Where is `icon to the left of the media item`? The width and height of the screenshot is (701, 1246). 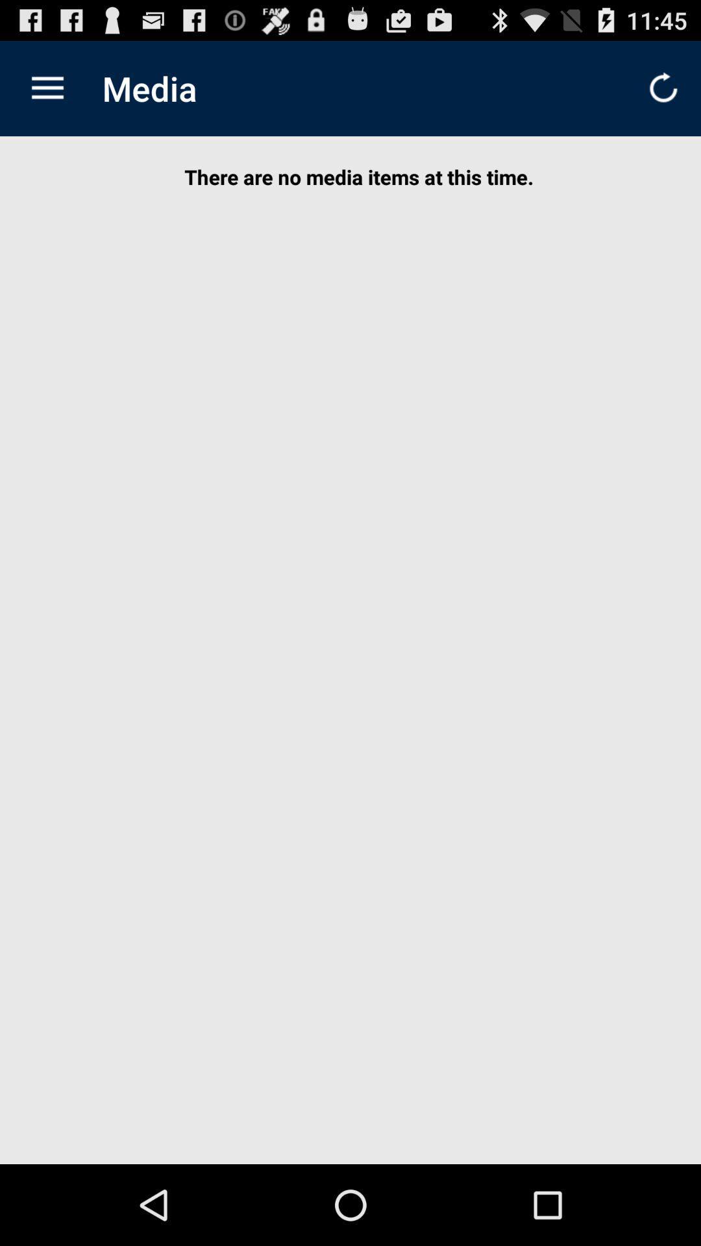 icon to the left of the media item is located at coordinates (47, 88).